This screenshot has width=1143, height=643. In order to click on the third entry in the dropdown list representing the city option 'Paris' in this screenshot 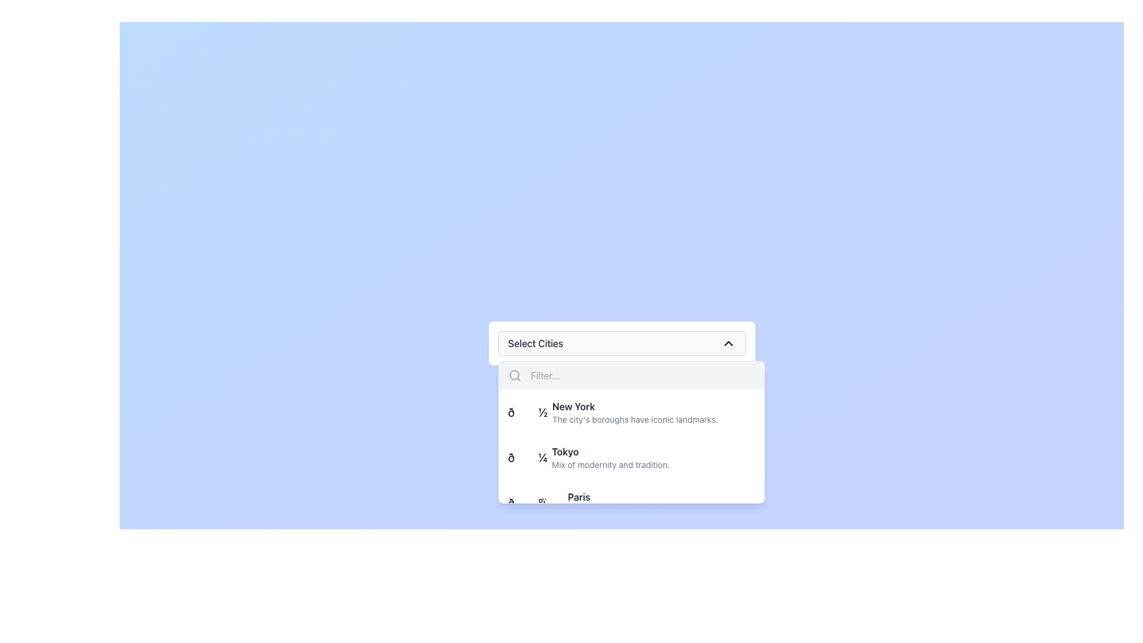, I will do `click(630, 502)`.